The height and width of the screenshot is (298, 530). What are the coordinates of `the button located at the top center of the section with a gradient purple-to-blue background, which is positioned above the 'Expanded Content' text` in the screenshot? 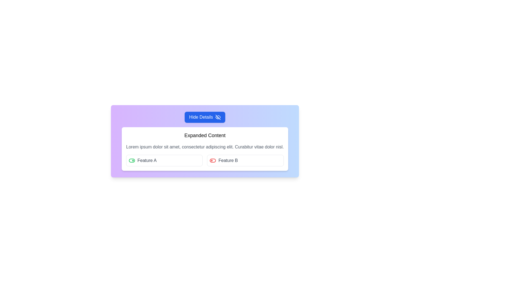 It's located at (205, 117).